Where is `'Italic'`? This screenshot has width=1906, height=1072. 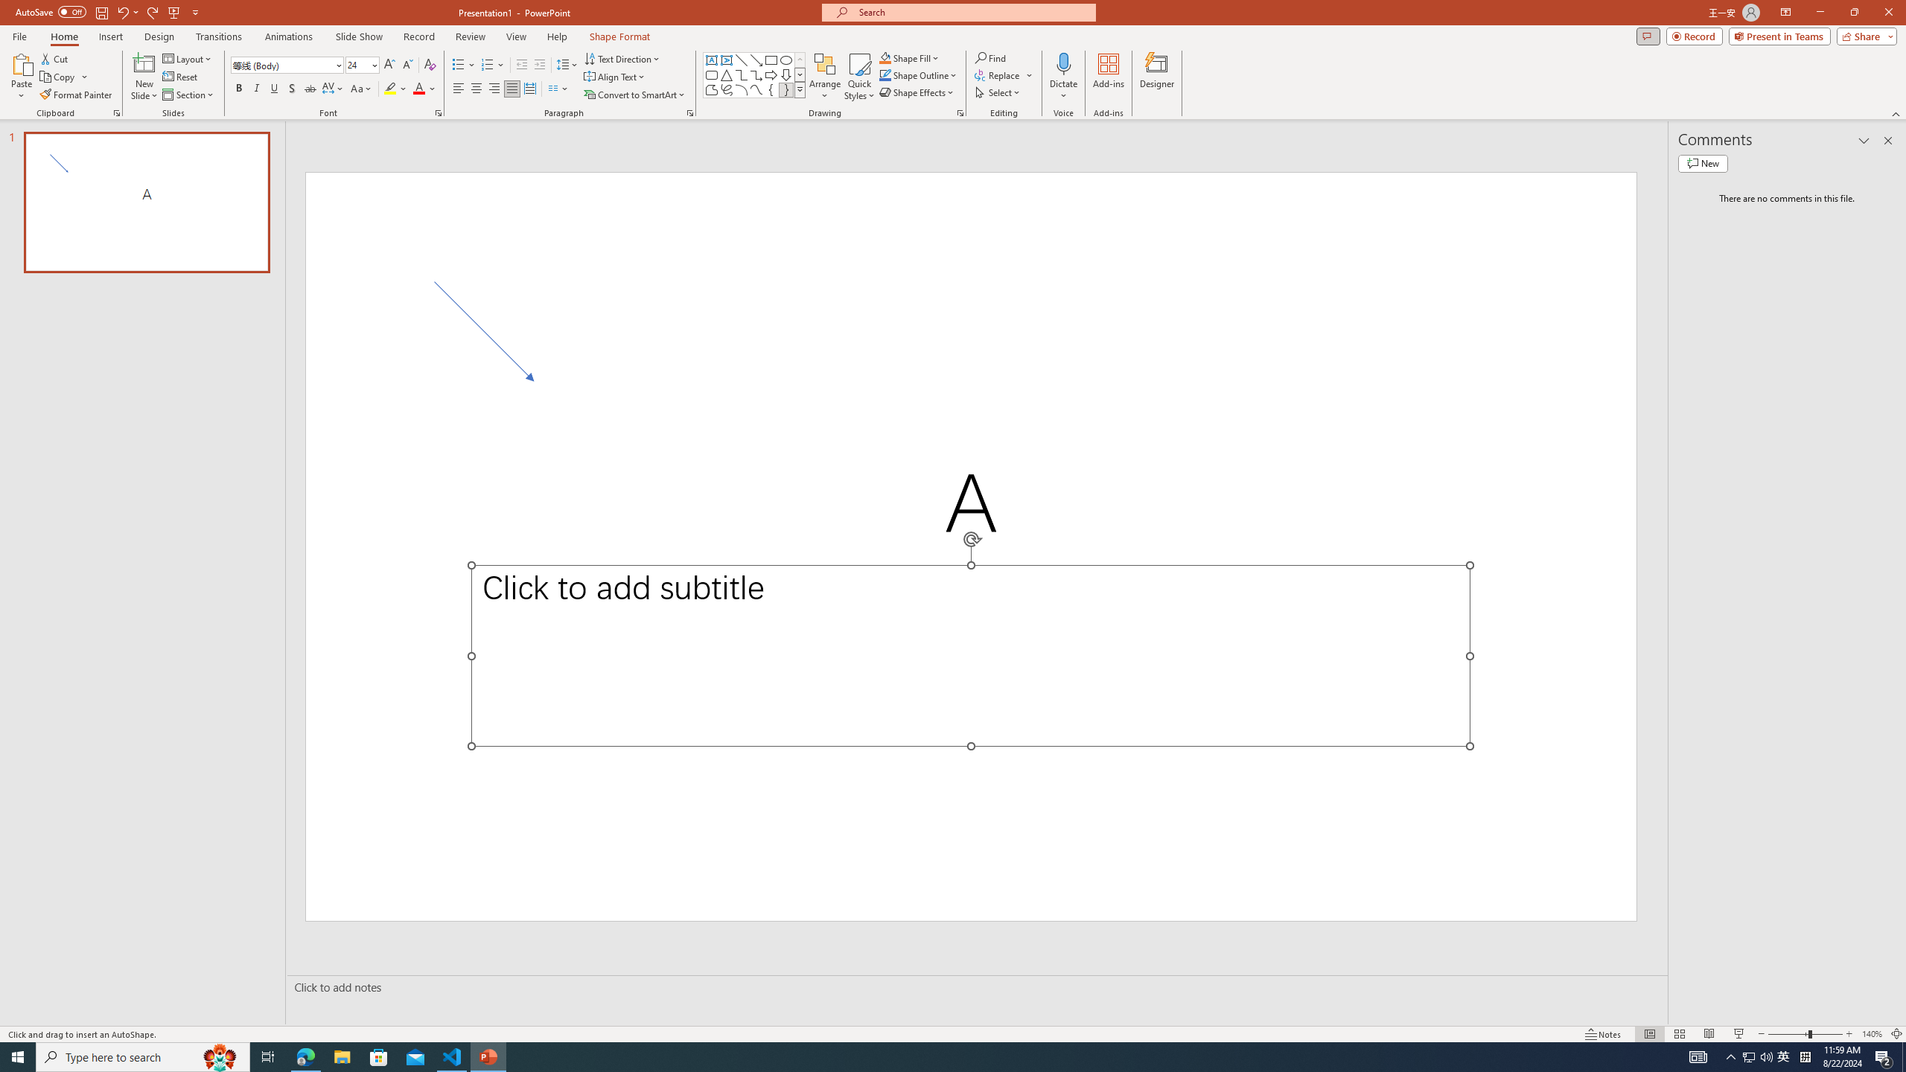
'Italic' is located at coordinates (255, 88).